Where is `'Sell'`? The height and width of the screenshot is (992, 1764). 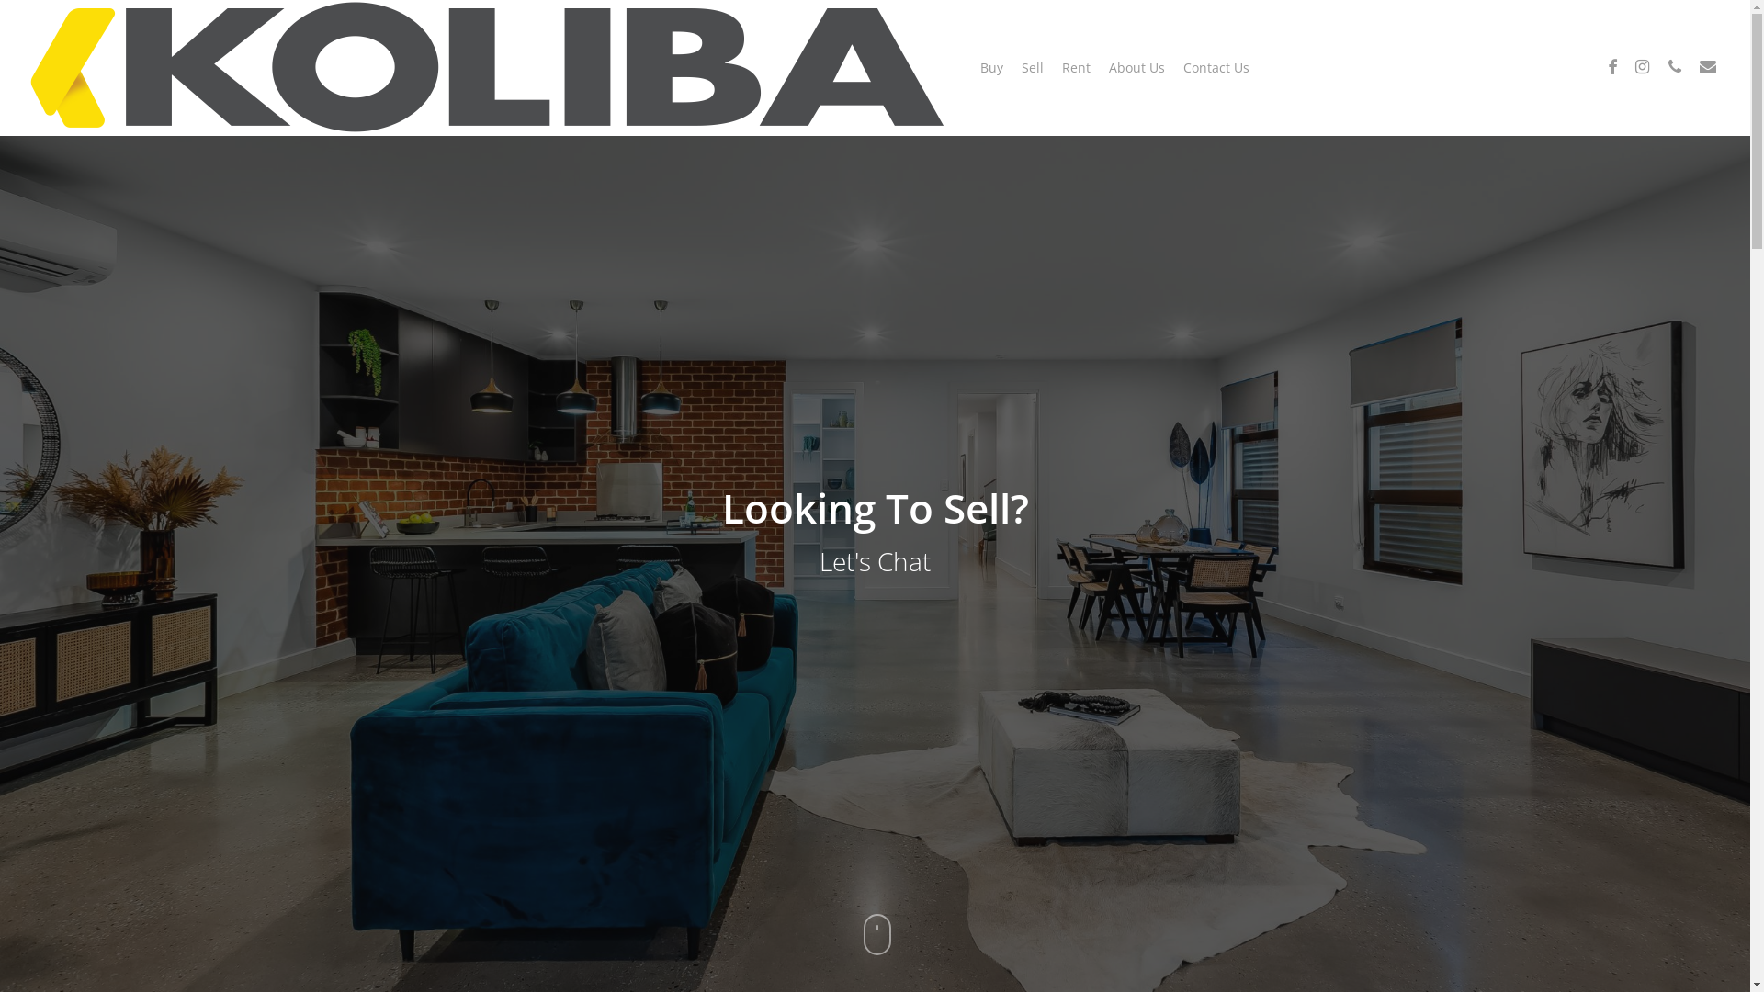
'Sell' is located at coordinates (1032, 66).